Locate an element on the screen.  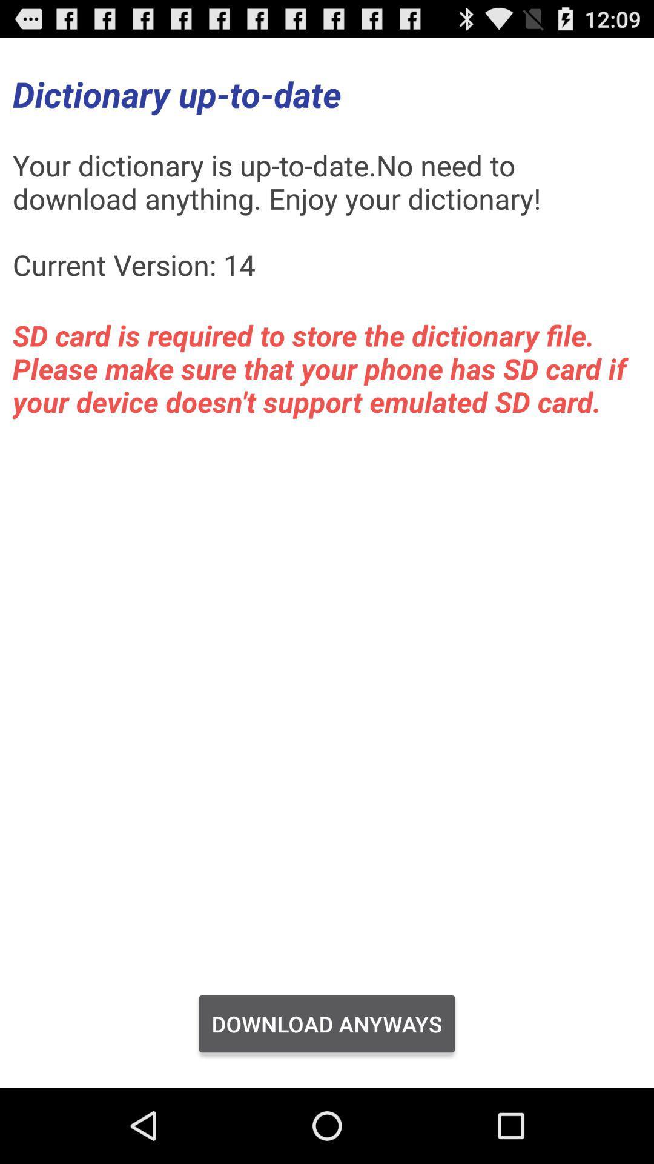
the download anyways item is located at coordinates (327, 1023).